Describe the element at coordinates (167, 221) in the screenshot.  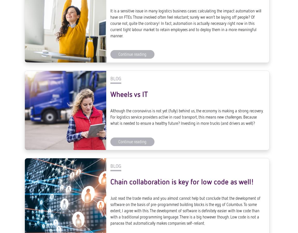
I see `'About Us'` at that location.